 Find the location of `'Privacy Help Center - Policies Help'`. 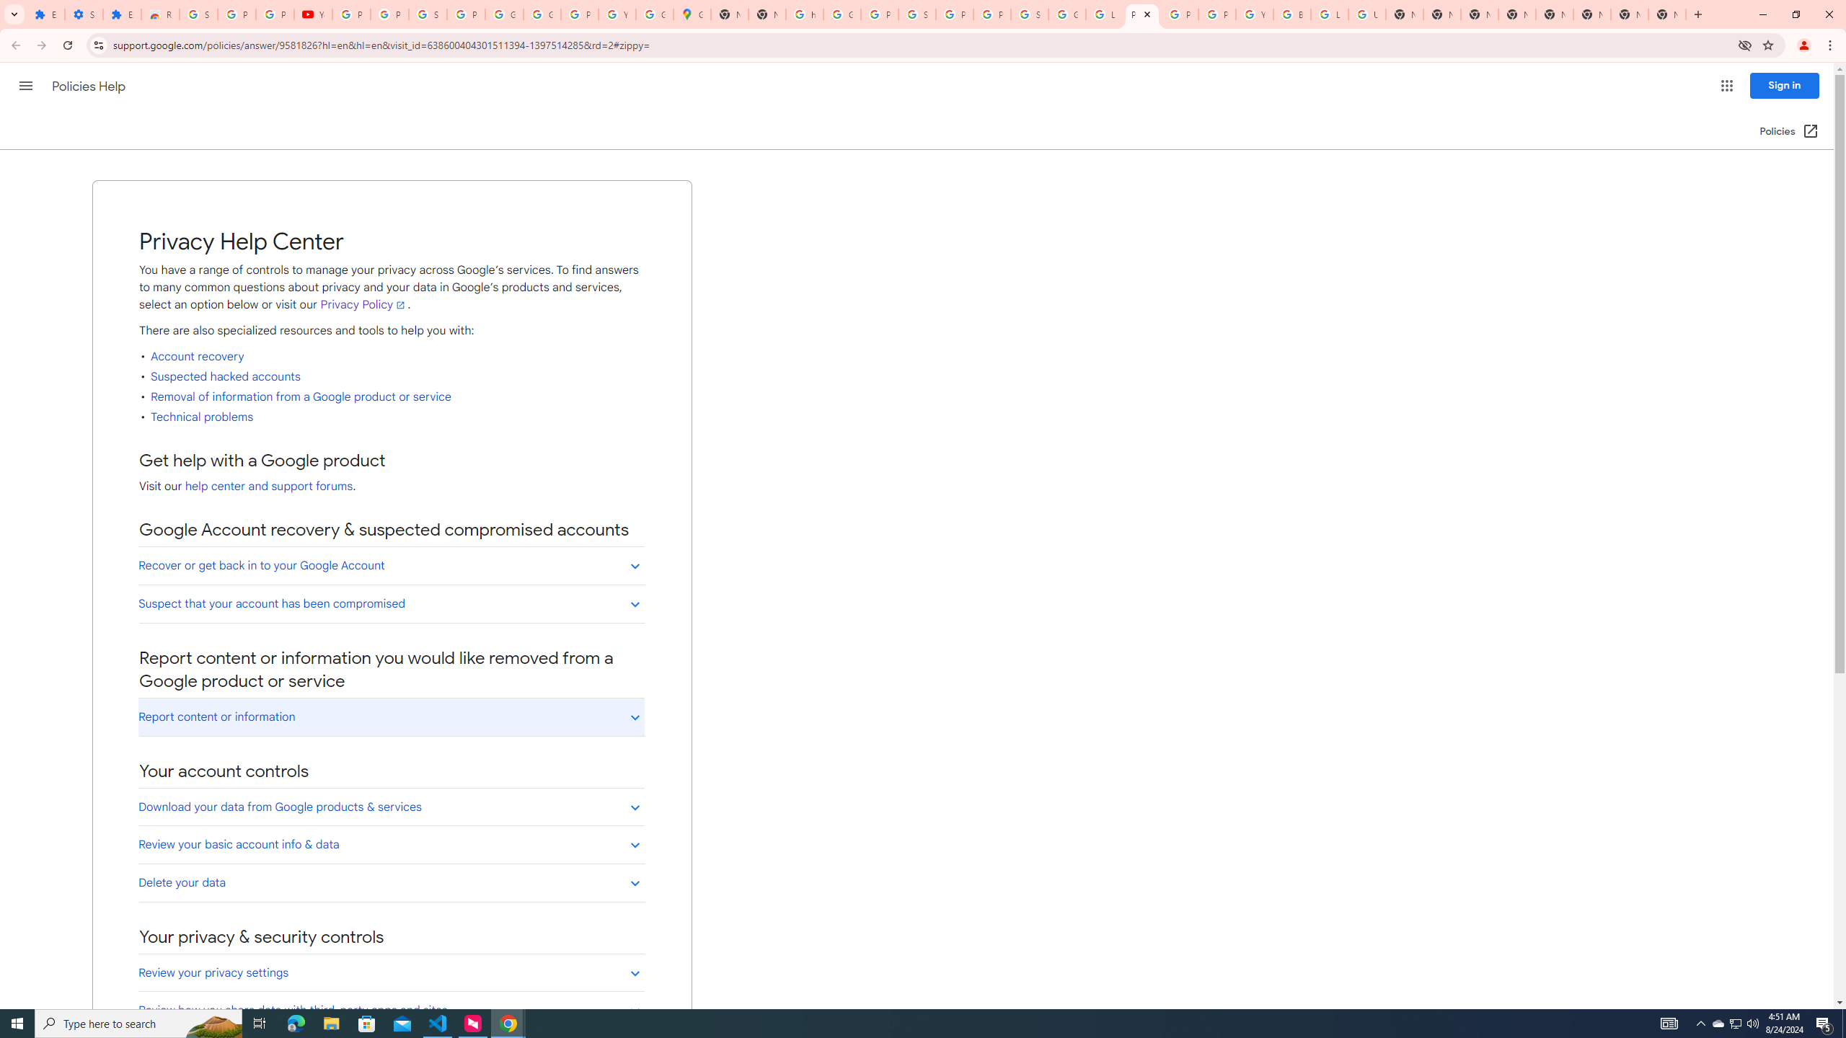

'Privacy Help Center - Policies Help' is located at coordinates (1178, 14).